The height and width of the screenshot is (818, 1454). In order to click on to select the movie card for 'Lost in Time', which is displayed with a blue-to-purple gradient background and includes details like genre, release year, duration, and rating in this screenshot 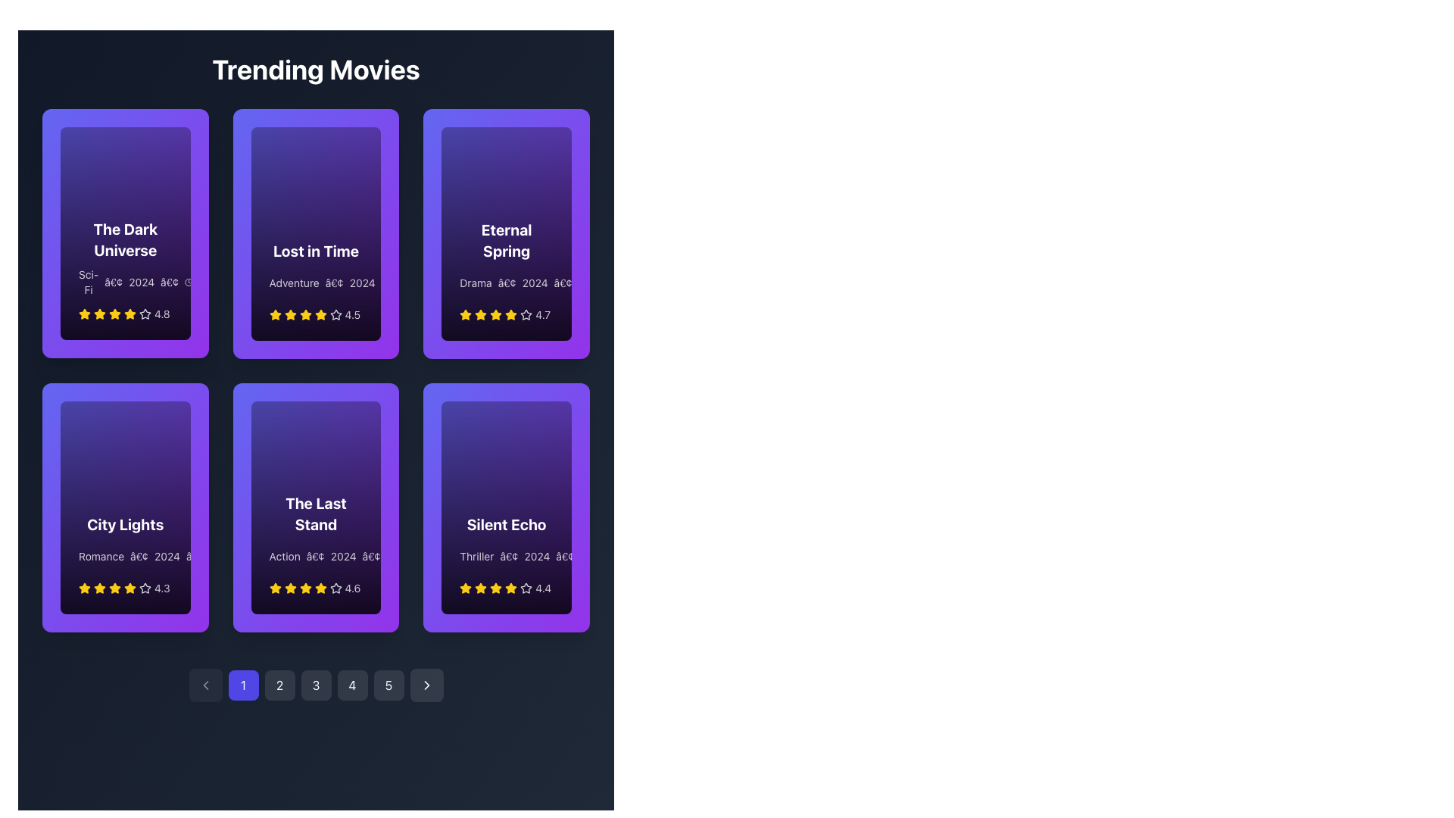, I will do `click(315, 233)`.